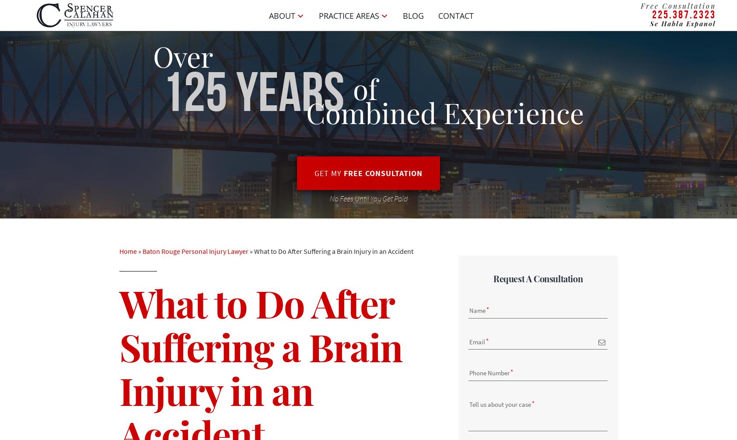  What do you see at coordinates (253, 250) in the screenshot?
I see `'What to Do After Suffering a Brain Injury in an Accident'` at bounding box center [253, 250].